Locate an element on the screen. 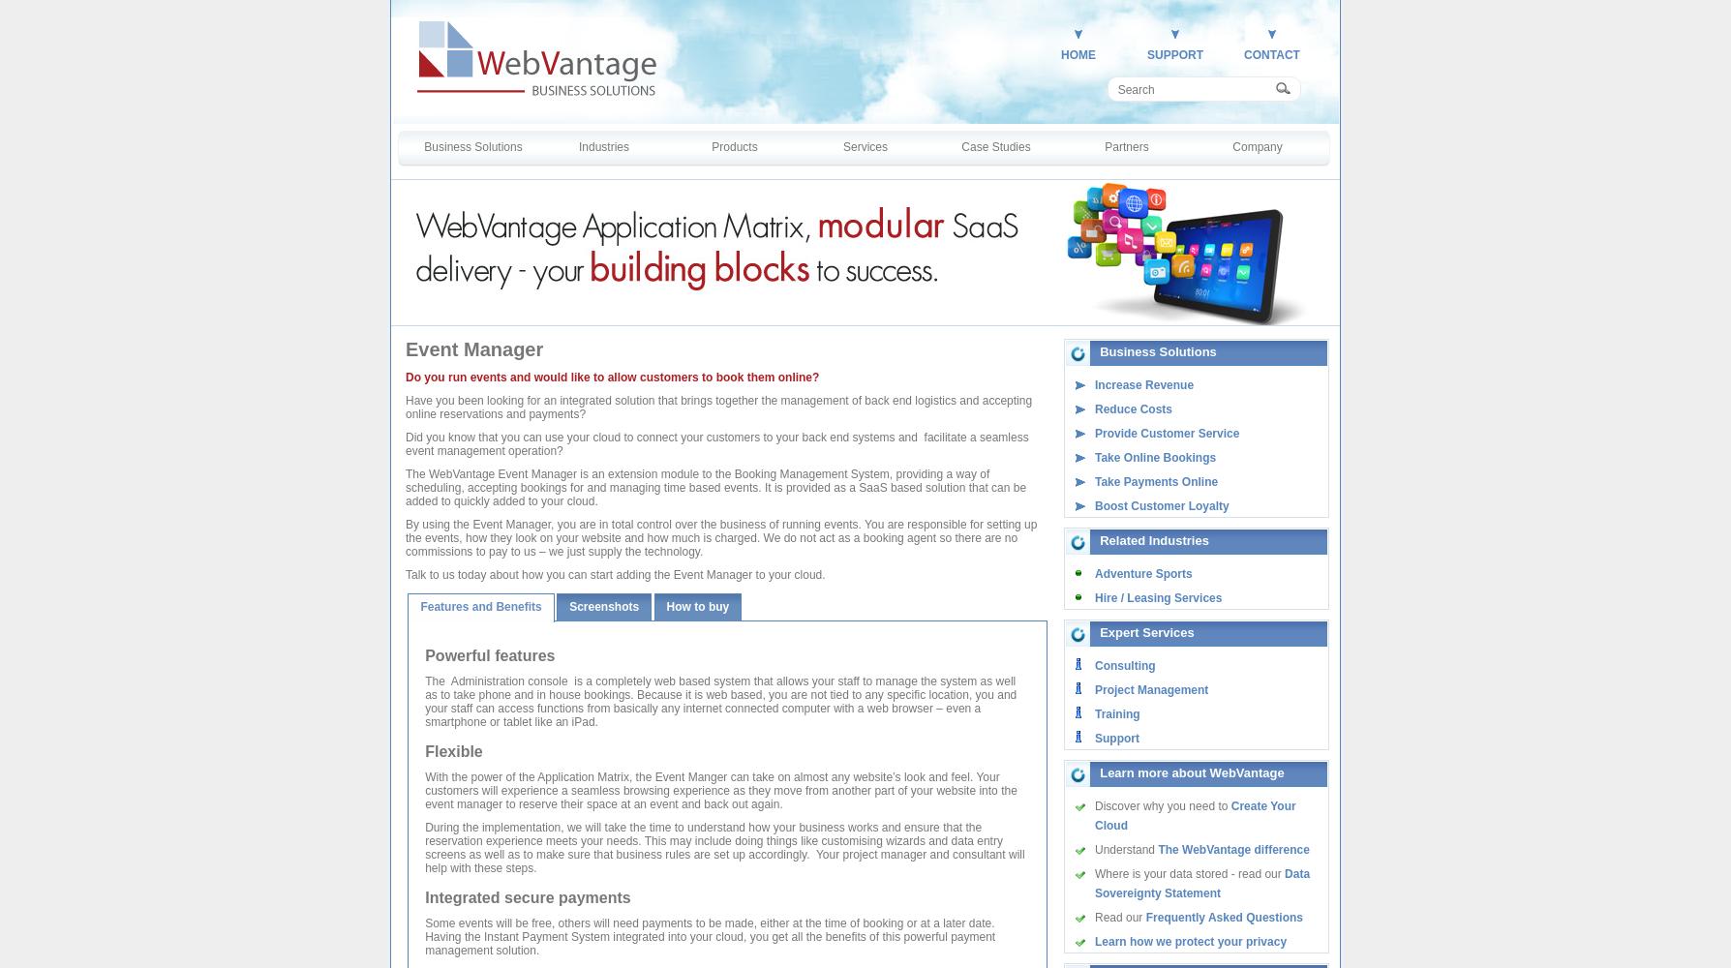  'Reduce Costs' is located at coordinates (1132, 409).